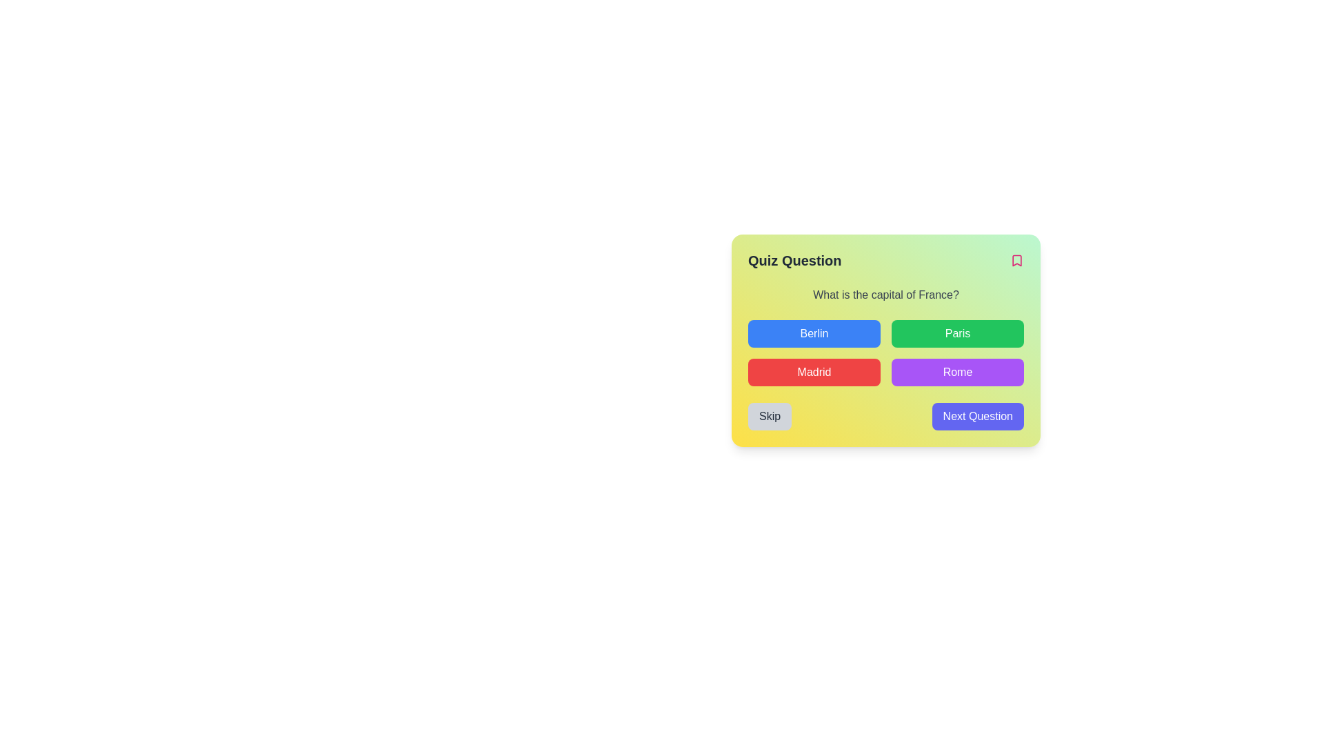  I want to click on the rectangular button labeled 'Rome' with a purple background and white text, located in the lower right of the 2x2 grid of buttons below the question 'What is the capital of France?', so click(956, 372).